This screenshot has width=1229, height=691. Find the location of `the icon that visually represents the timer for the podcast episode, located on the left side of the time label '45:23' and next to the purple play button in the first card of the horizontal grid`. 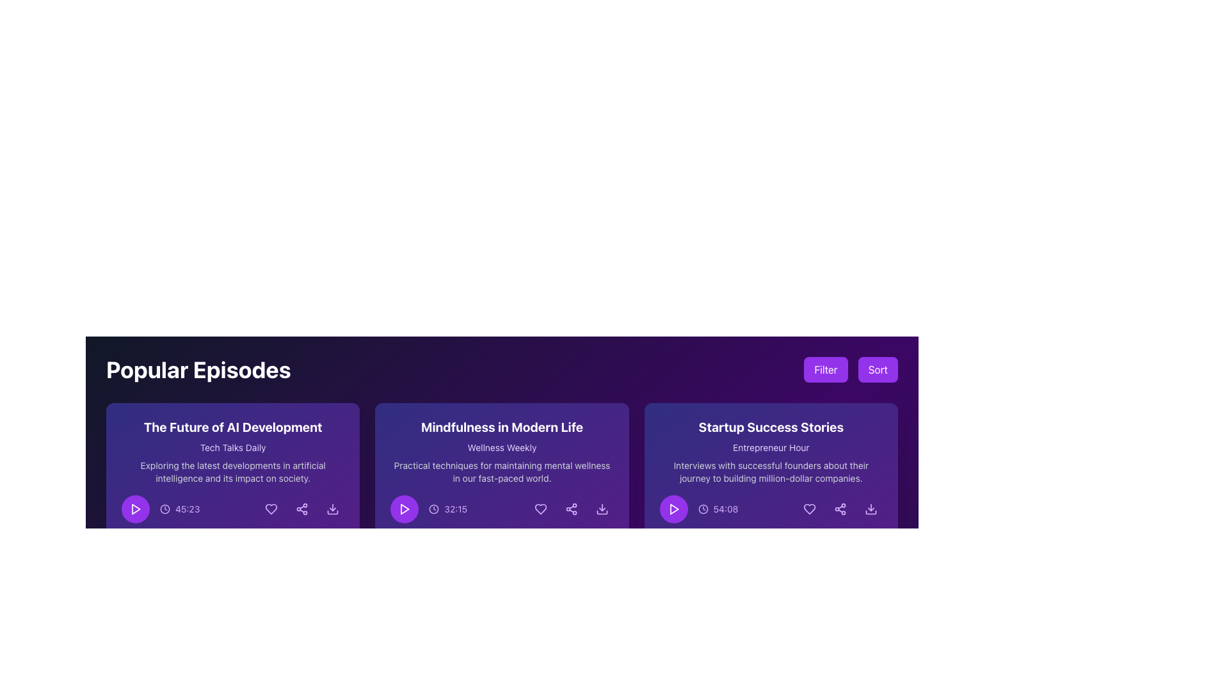

the icon that visually represents the timer for the podcast episode, located on the left side of the time label '45:23' and next to the purple play button in the first card of the horizontal grid is located at coordinates (165, 508).